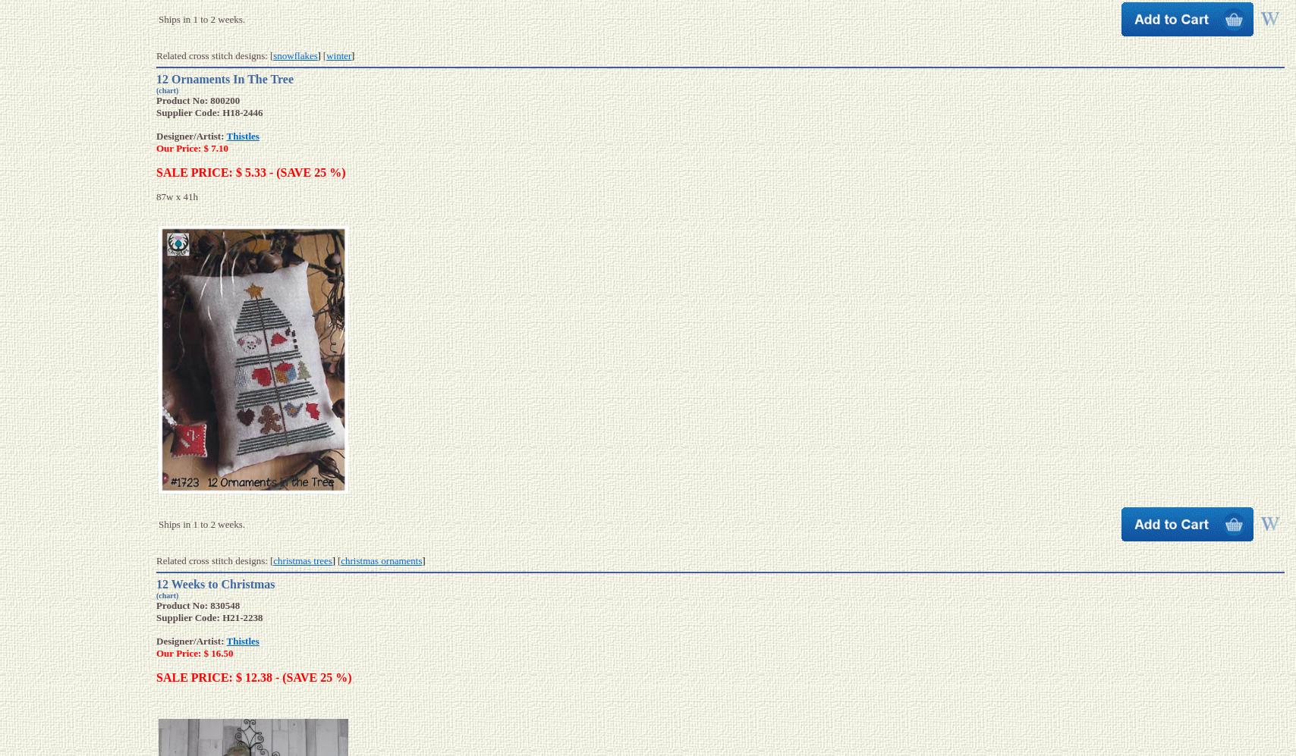 The width and height of the screenshot is (1296, 756). Describe the element at coordinates (209, 616) in the screenshot. I see `'Supplier Code: H21-2238'` at that location.